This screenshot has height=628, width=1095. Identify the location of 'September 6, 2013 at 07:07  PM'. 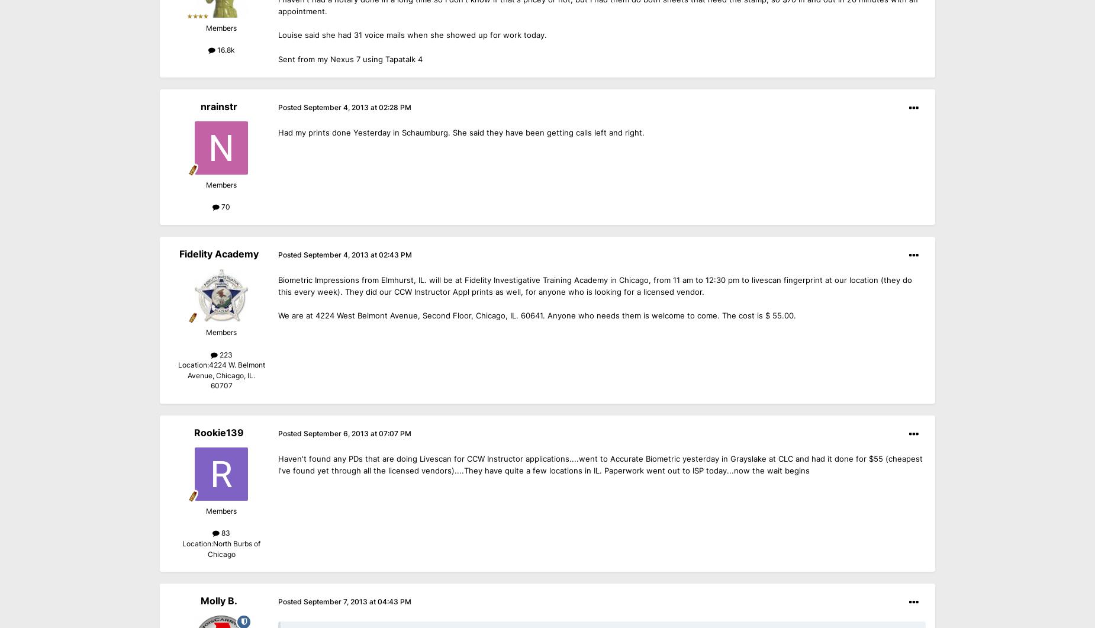
(358, 433).